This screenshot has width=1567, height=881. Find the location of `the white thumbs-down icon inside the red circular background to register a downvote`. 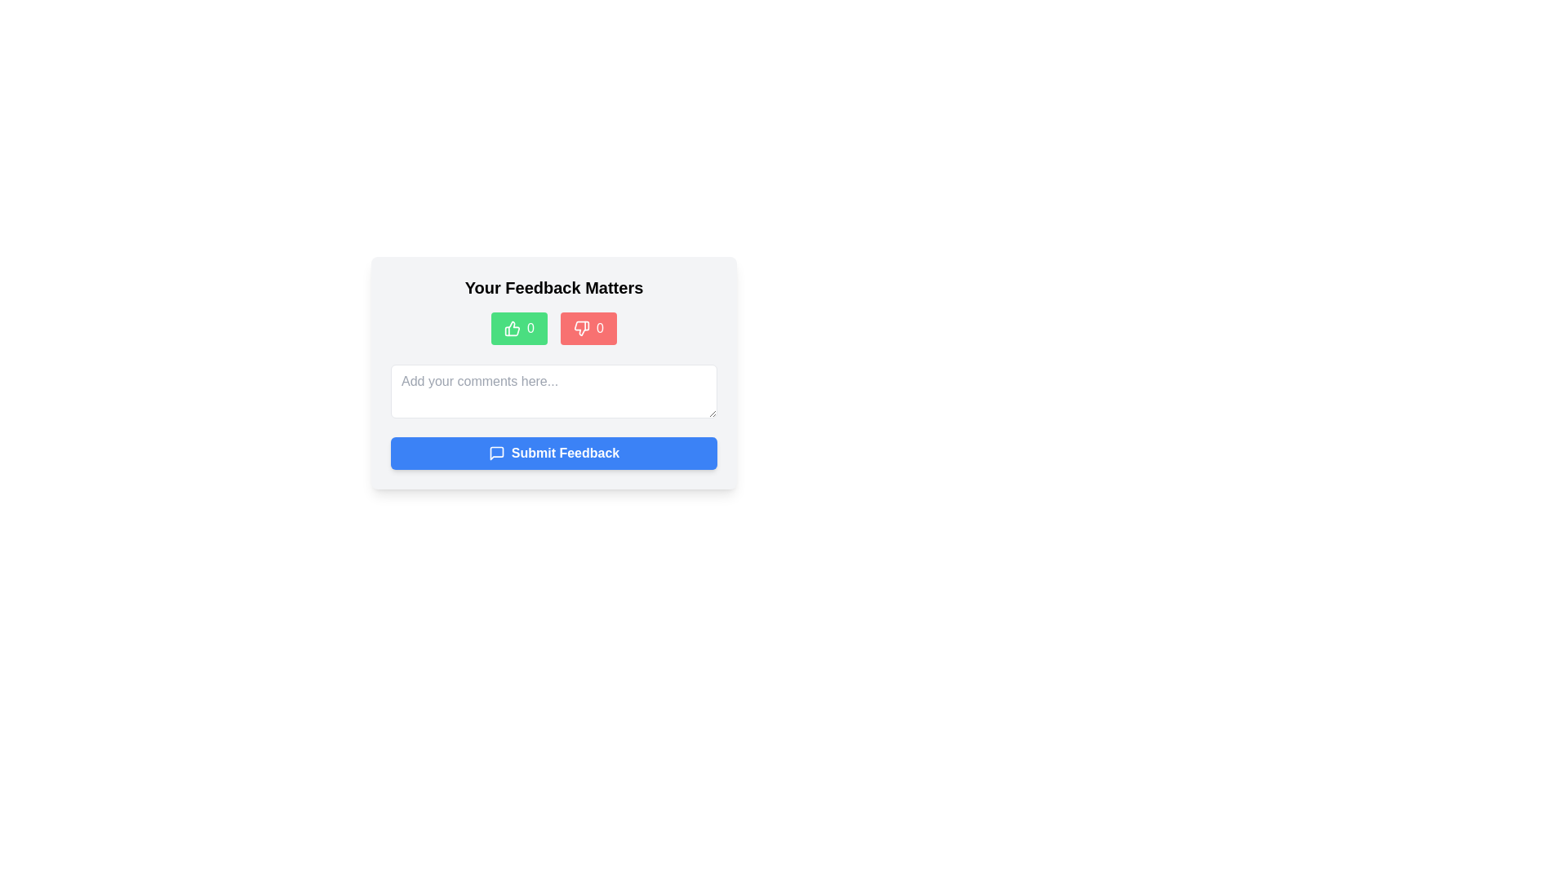

the white thumbs-down icon inside the red circular background to register a downvote is located at coordinates (582, 328).